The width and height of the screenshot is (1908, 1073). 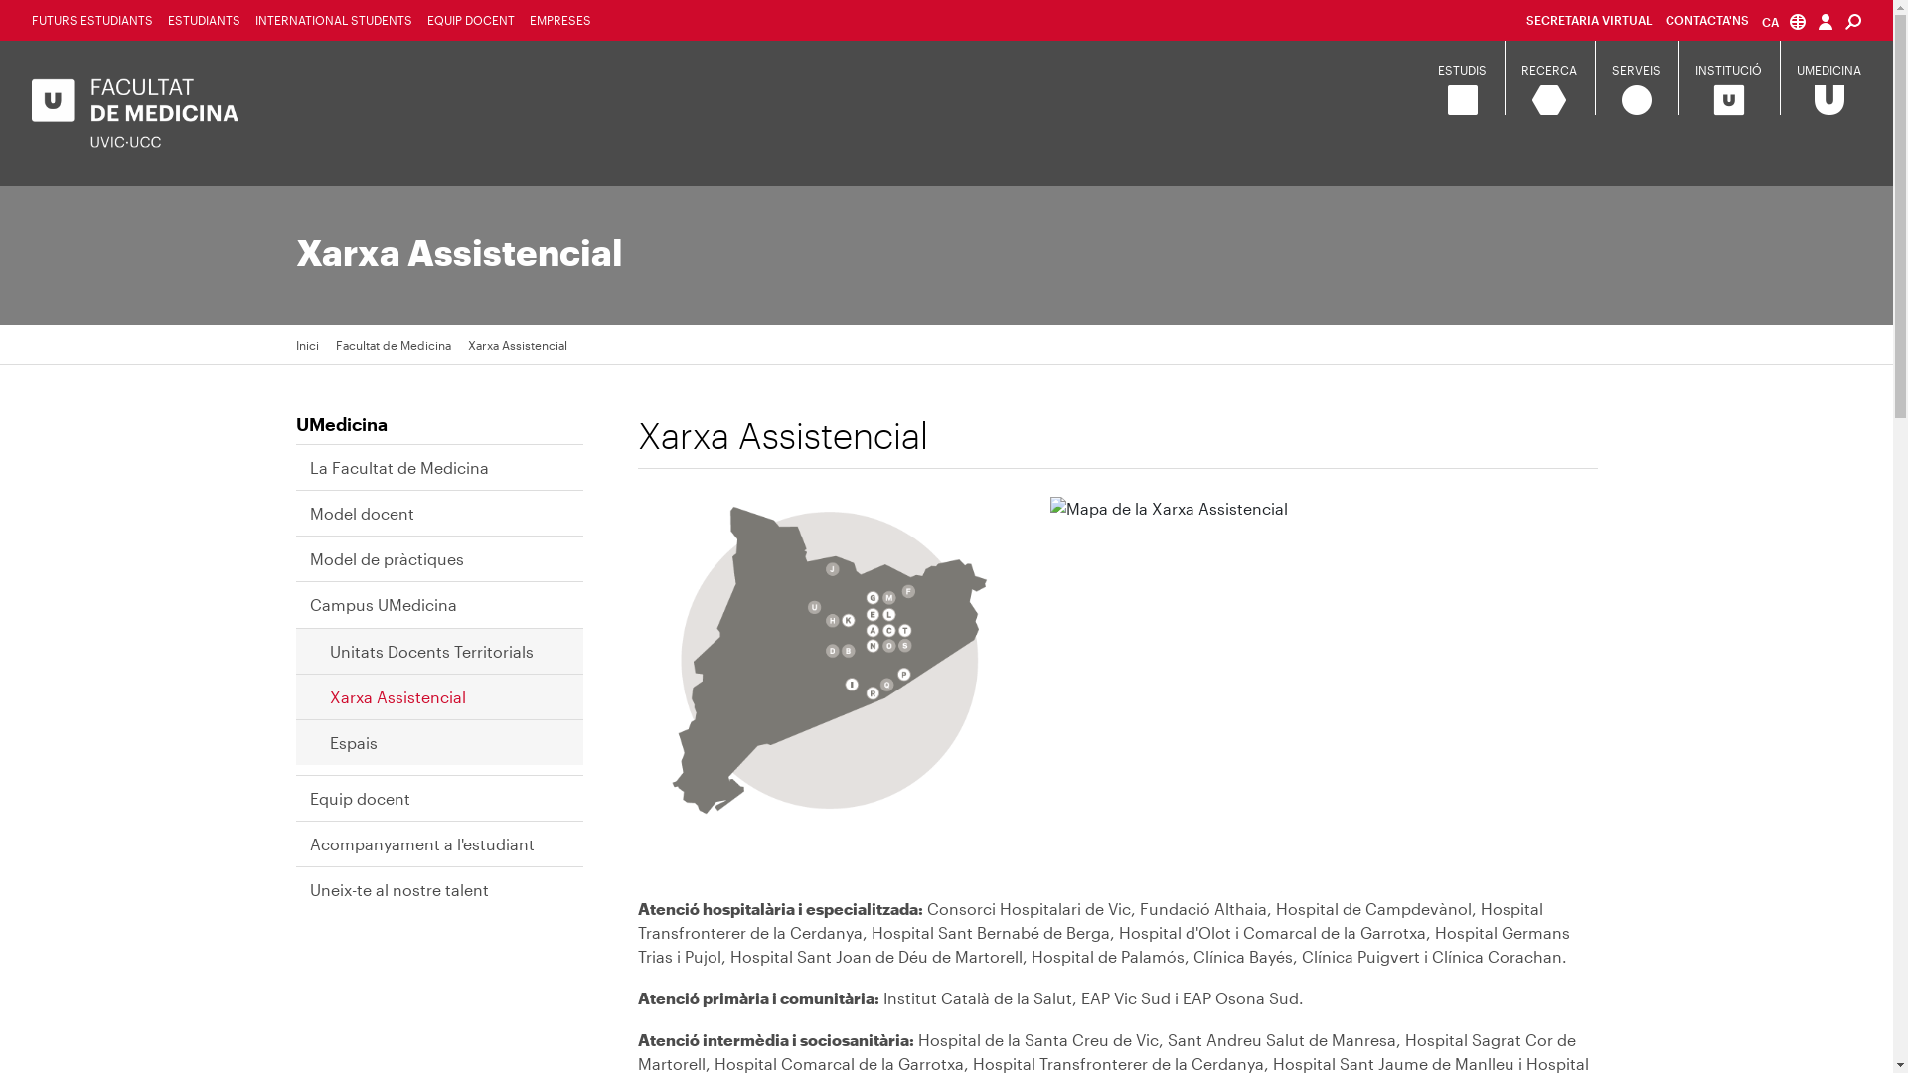 What do you see at coordinates (440, 651) in the screenshot?
I see `'Unitats Docents Territorials'` at bounding box center [440, 651].